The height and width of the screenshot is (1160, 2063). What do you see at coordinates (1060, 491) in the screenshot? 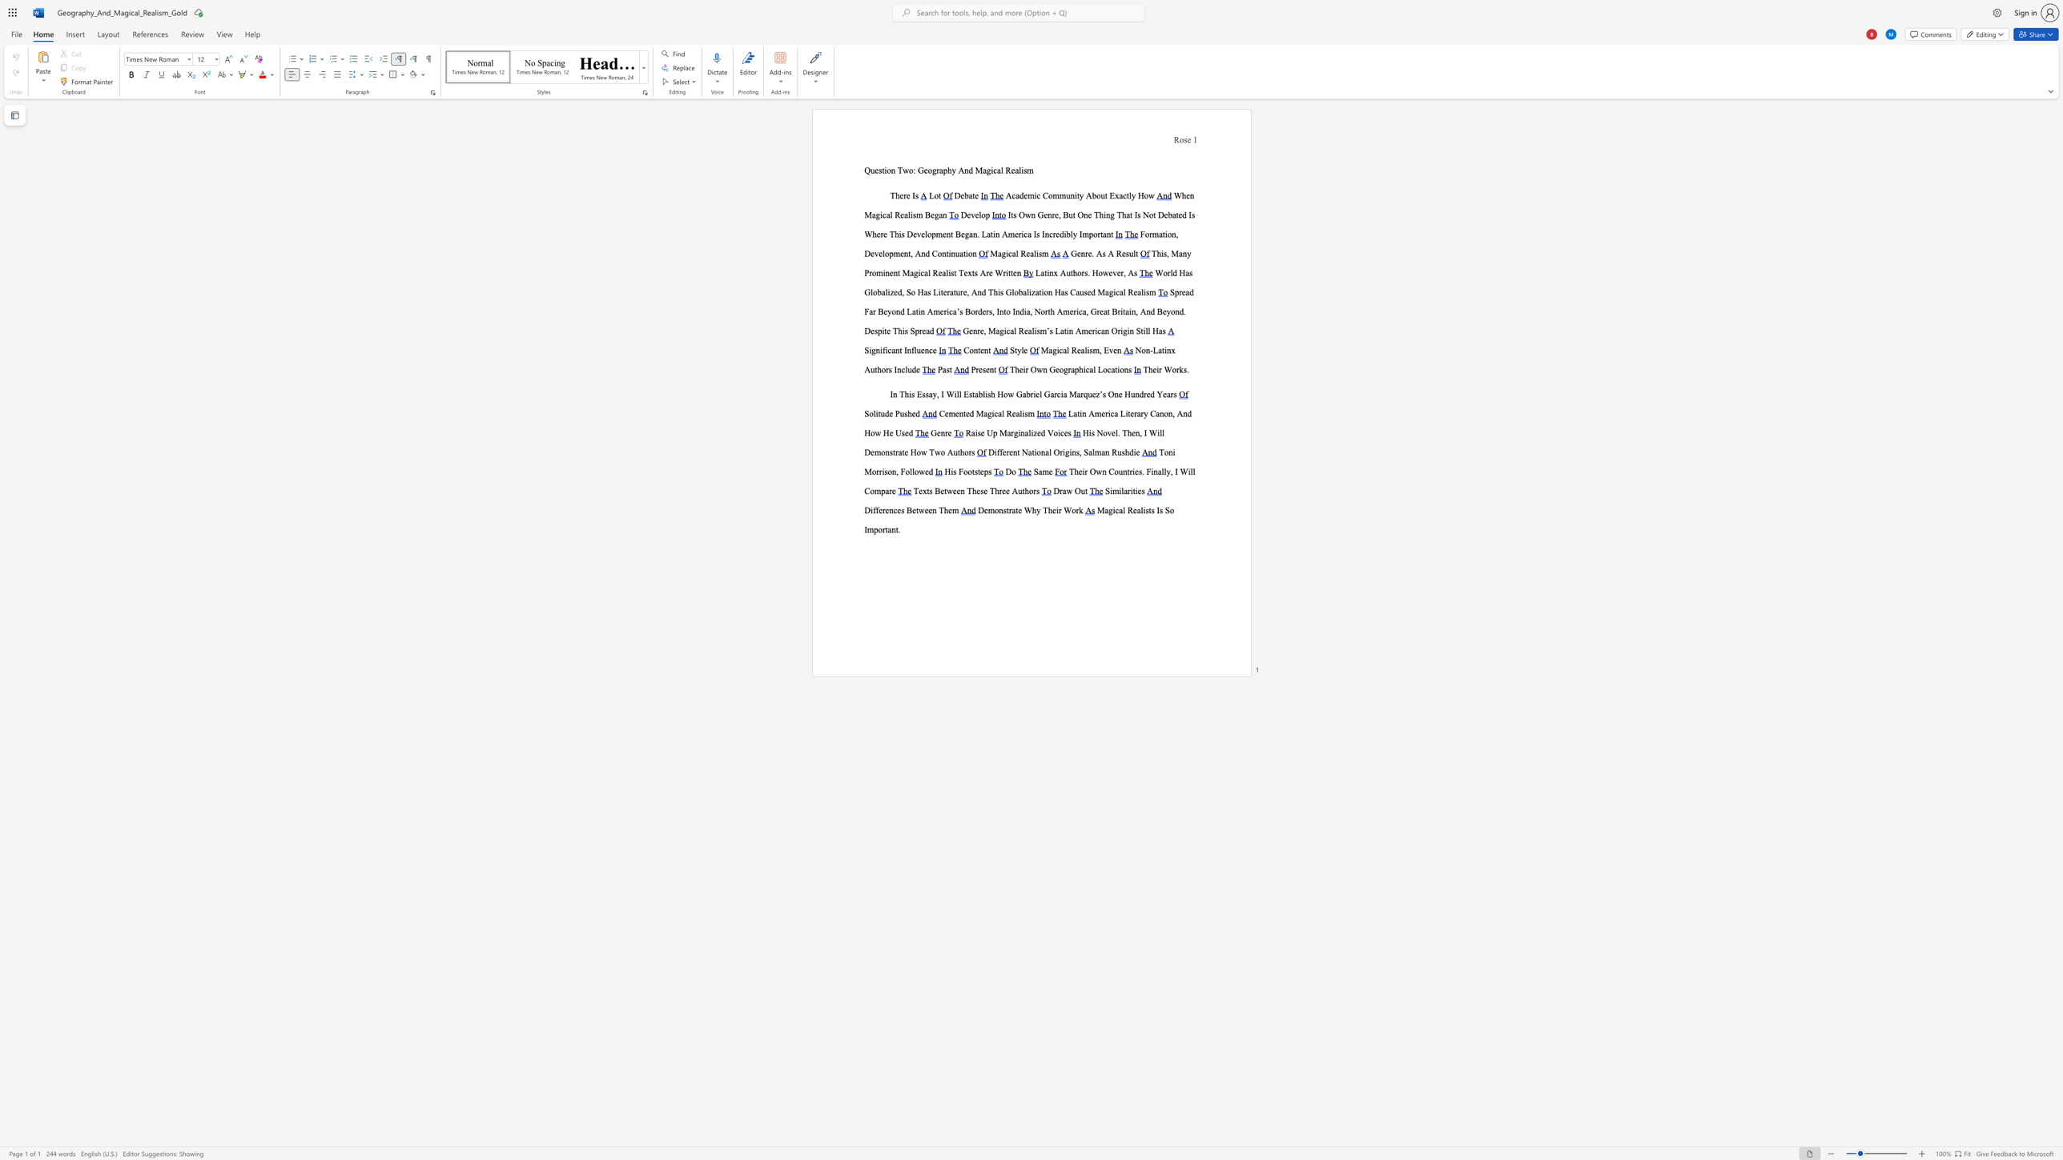
I see `the subset text "raw O" within the text "Draw Out"` at bounding box center [1060, 491].